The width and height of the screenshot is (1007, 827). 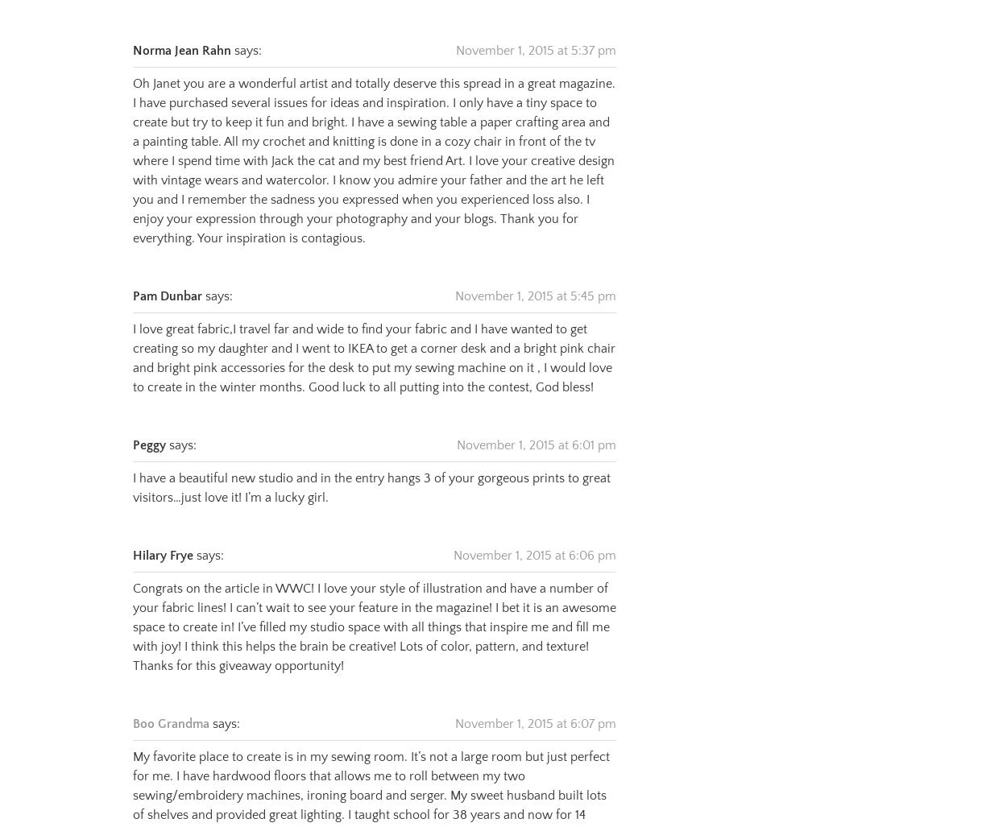 What do you see at coordinates (536, 276) in the screenshot?
I see `'November 1, 2015 at 5:45 pm'` at bounding box center [536, 276].